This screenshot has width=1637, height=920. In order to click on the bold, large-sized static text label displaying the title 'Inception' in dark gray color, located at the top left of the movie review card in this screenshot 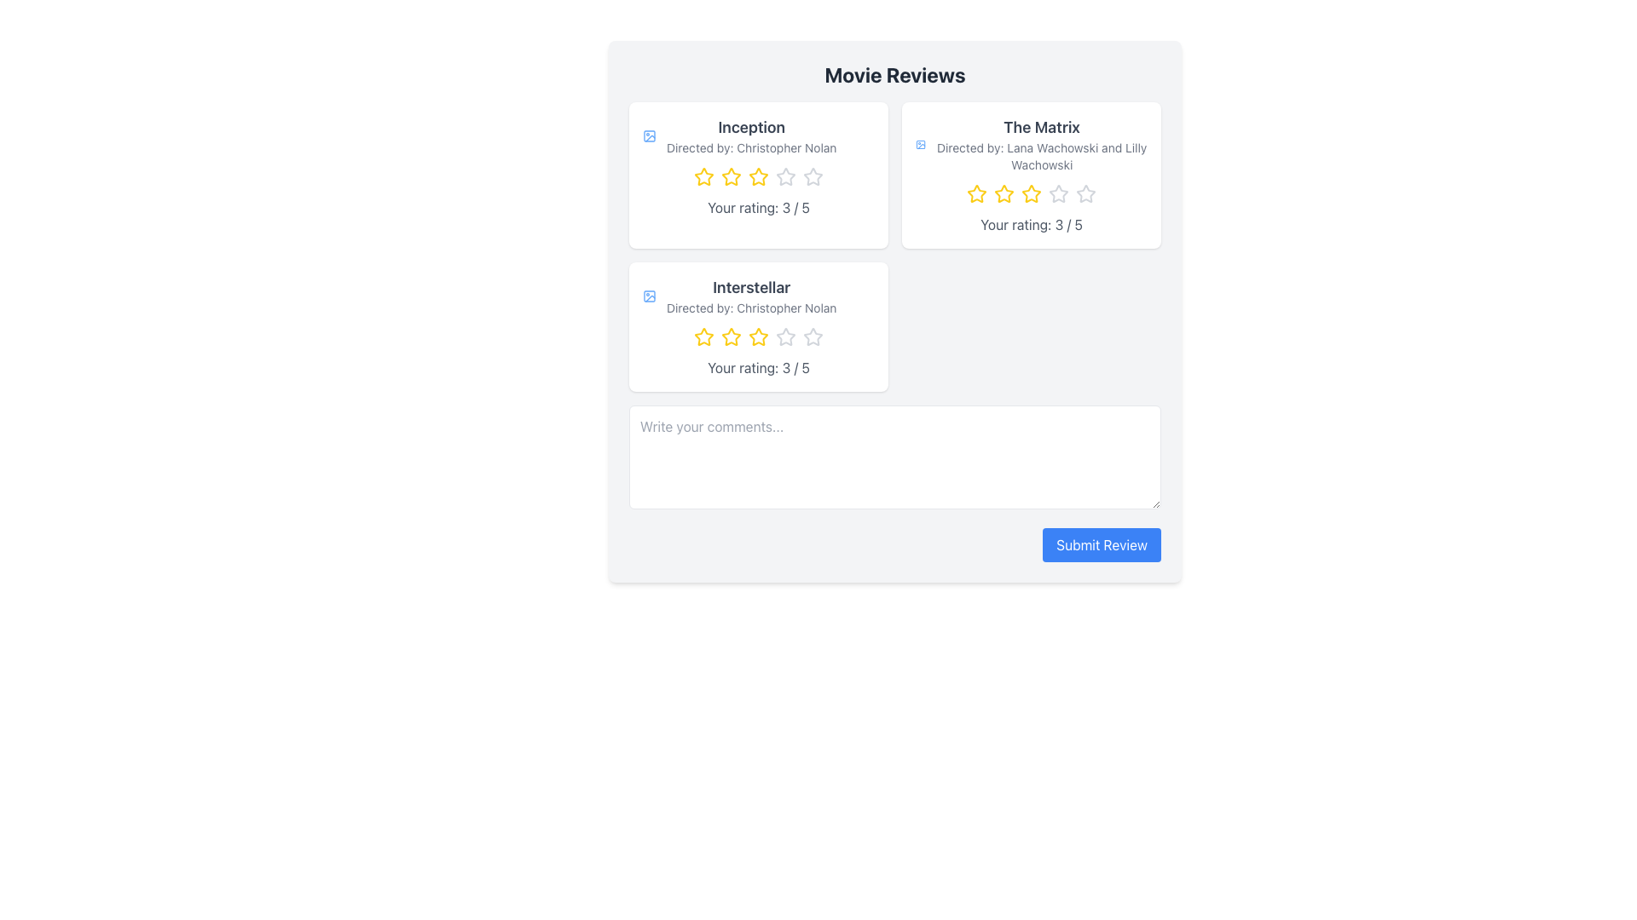, I will do `click(750, 127)`.